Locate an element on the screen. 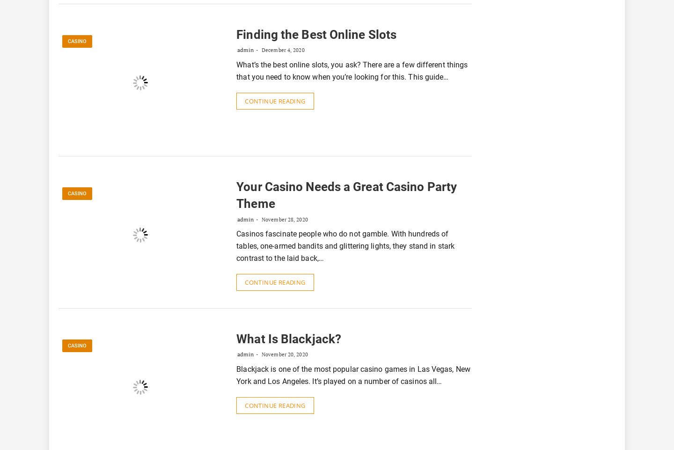 The height and width of the screenshot is (450, 674). 'November 20, 2020' is located at coordinates (283, 354).